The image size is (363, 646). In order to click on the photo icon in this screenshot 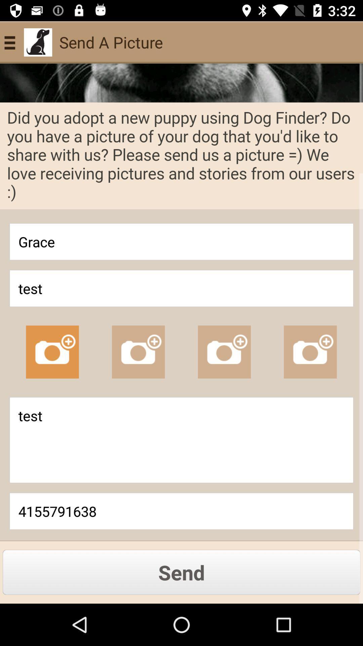, I will do `click(224, 352)`.